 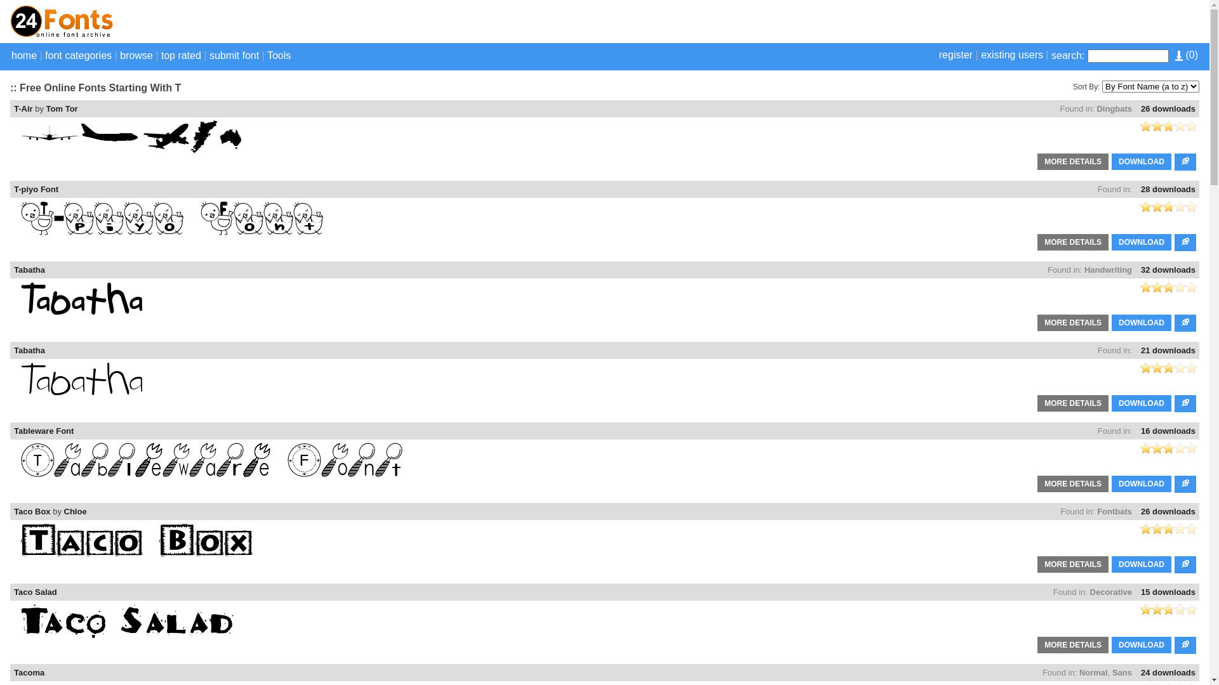 What do you see at coordinates (14, 430) in the screenshot?
I see `'Tableware Font'` at bounding box center [14, 430].